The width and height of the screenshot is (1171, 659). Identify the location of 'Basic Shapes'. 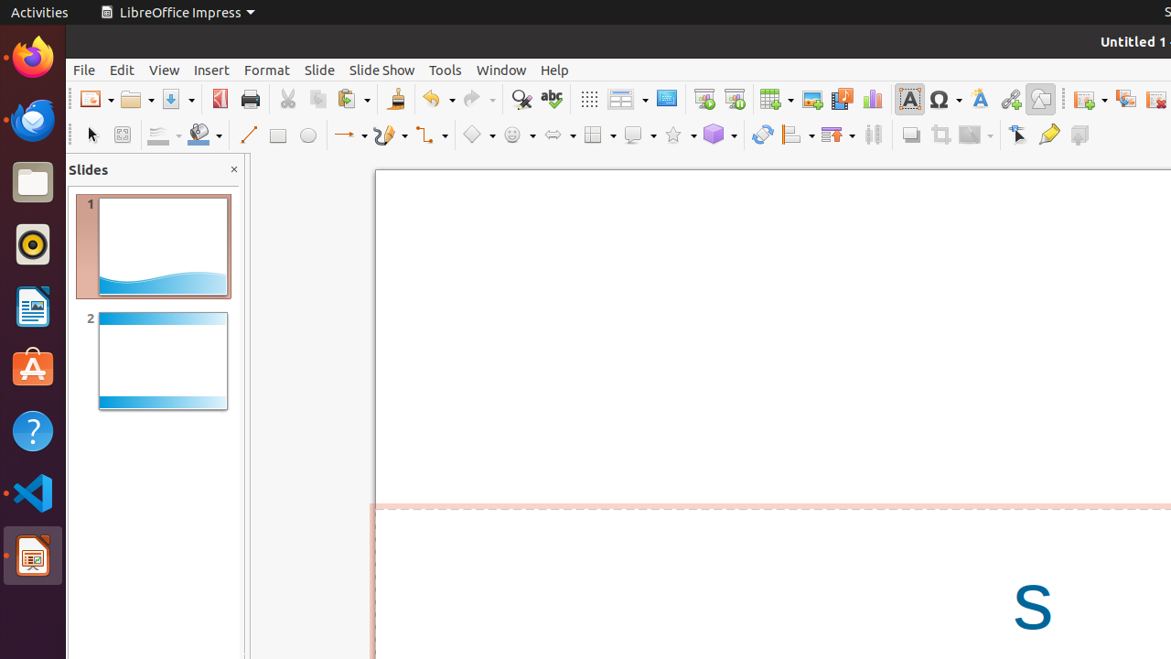
(478, 134).